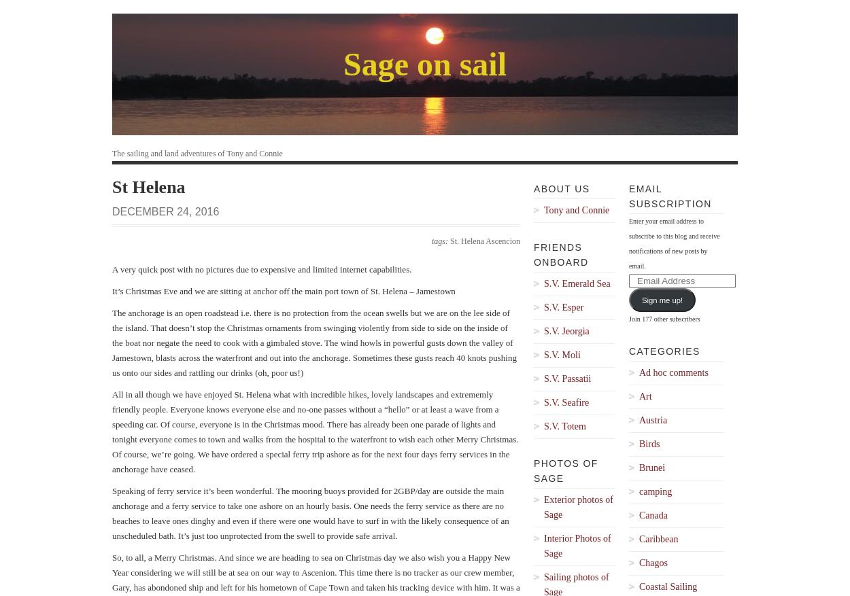  What do you see at coordinates (148, 187) in the screenshot?
I see `'St Helena'` at bounding box center [148, 187].